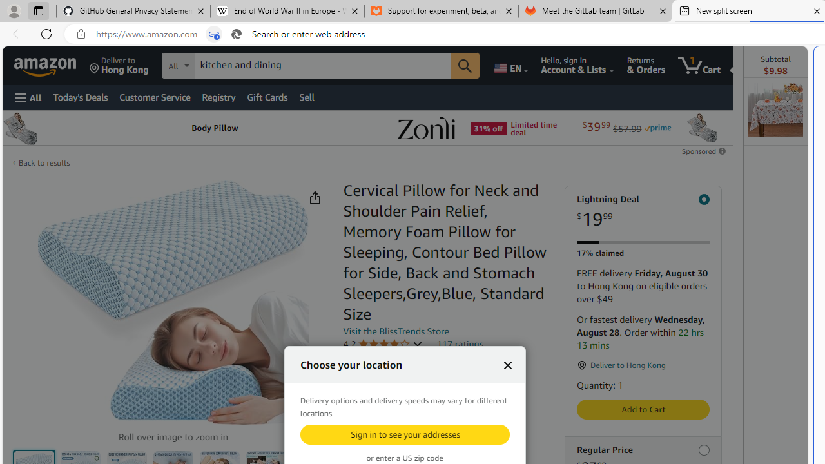  What do you see at coordinates (577, 65) in the screenshot?
I see `'Hello, sign in Account & Lists'` at bounding box center [577, 65].